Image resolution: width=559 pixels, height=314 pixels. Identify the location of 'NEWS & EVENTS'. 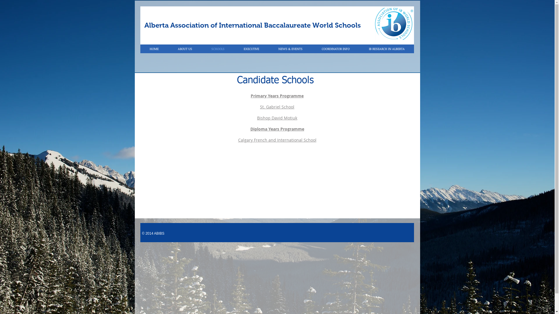
(290, 49).